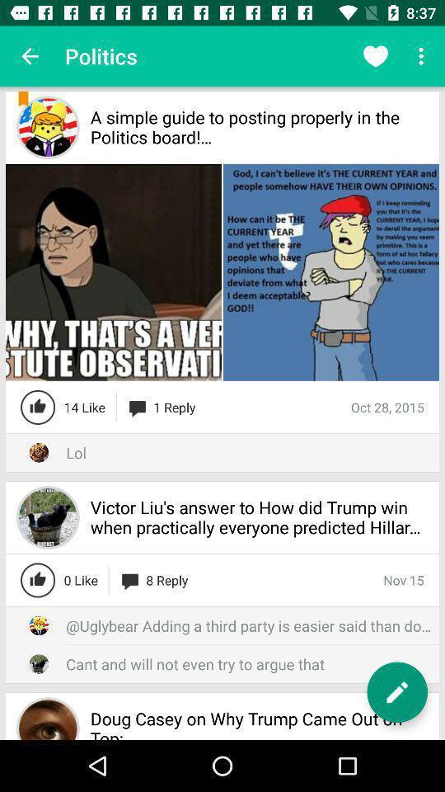 The image size is (445, 792). Describe the element at coordinates (30, 56) in the screenshot. I see `the icon to the left of the politics app` at that location.